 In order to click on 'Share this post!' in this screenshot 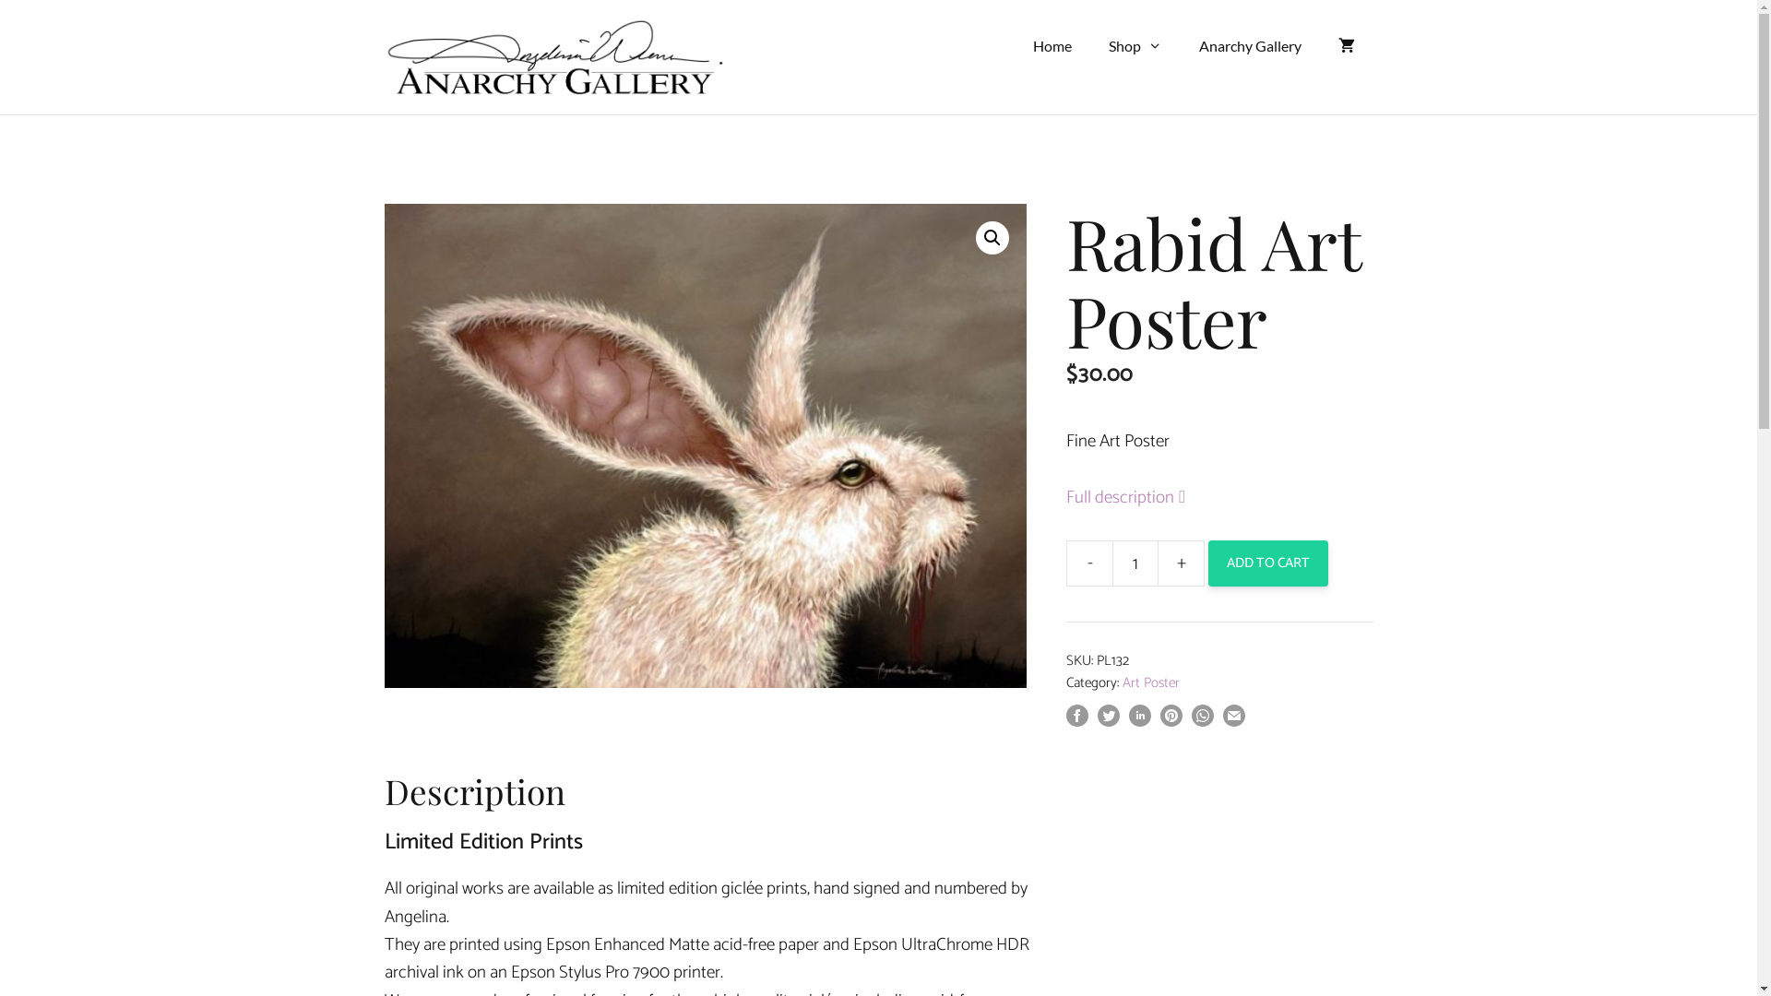, I will do `click(1128, 720)`.